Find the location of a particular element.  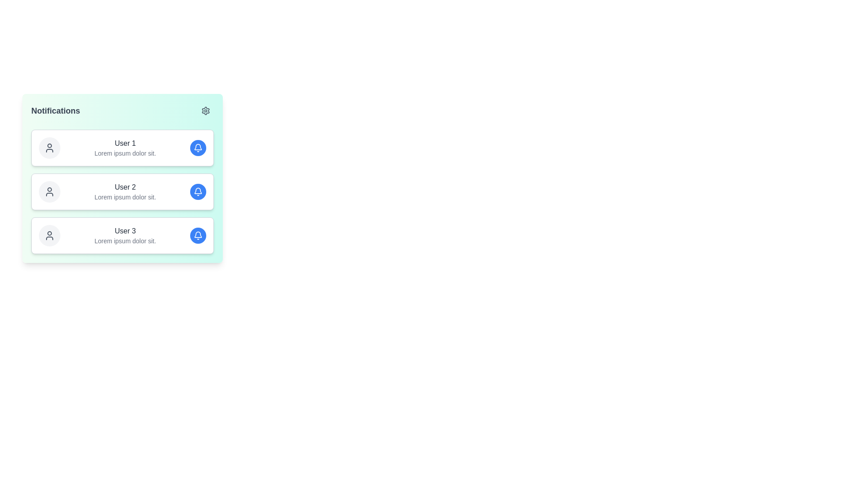

the bell icon located in the second item of the notification list, positioned to the far right alongside the user's name and message preview is located at coordinates (197, 191).